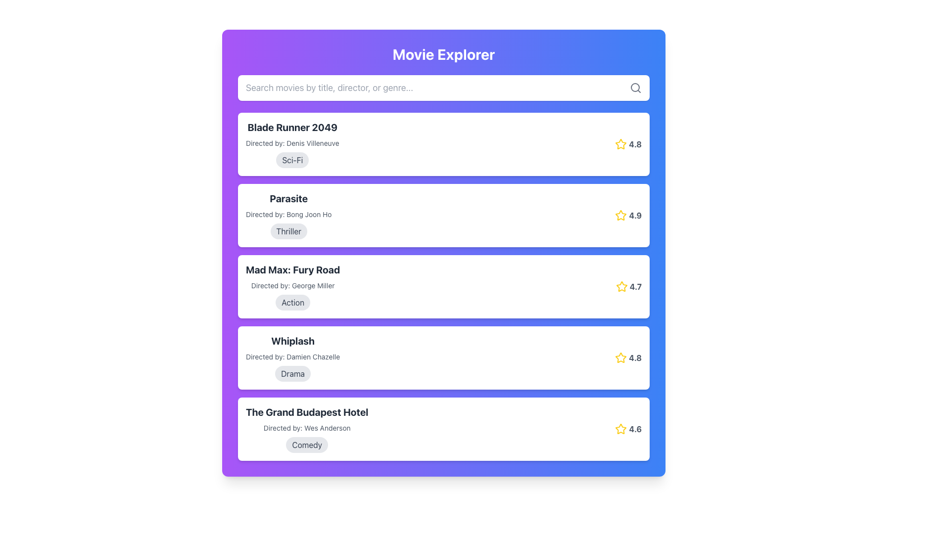 The image size is (950, 534). What do you see at coordinates (635, 358) in the screenshot?
I see `bold, gray text displaying the value '4.8' that is adjacent to the yellow star icon on the left, located in the line containing the title 'Whiplash'` at bounding box center [635, 358].